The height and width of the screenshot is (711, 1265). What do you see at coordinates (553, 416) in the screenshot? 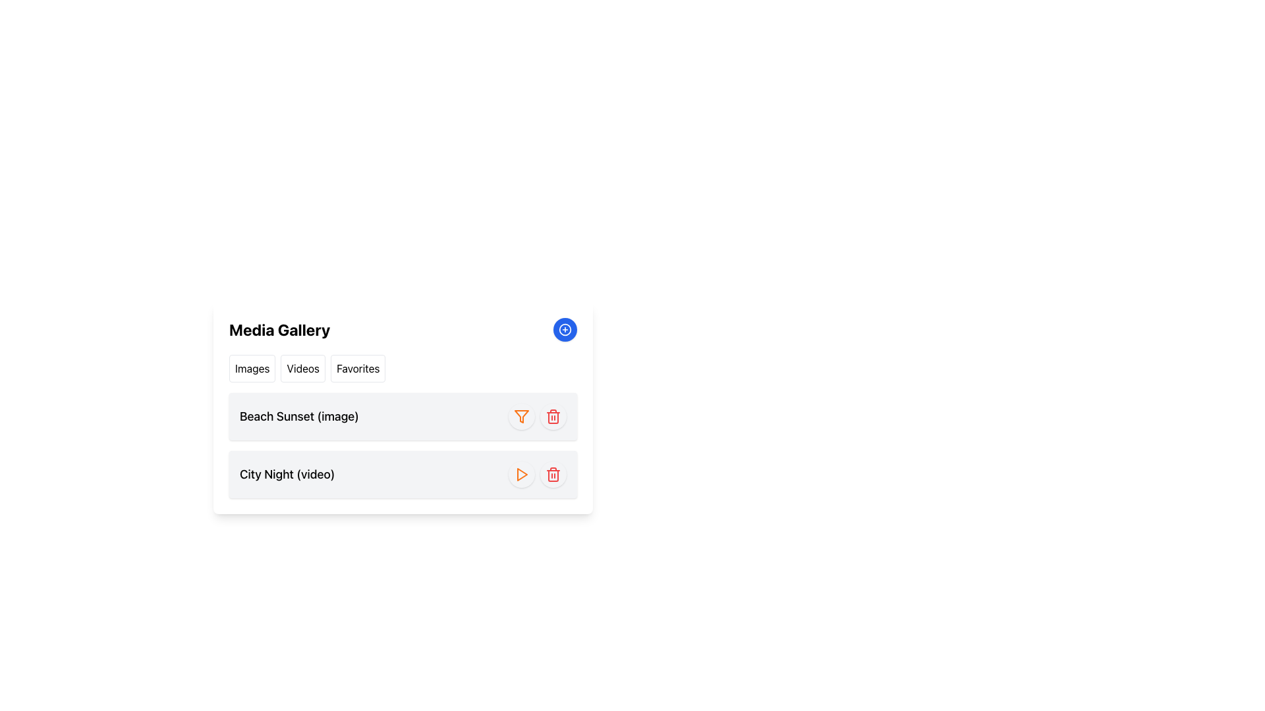
I see `the trash can icon located to the right of the 'Beach Sunset (image)' list item in the 'Media Gallery'` at bounding box center [553, 416].